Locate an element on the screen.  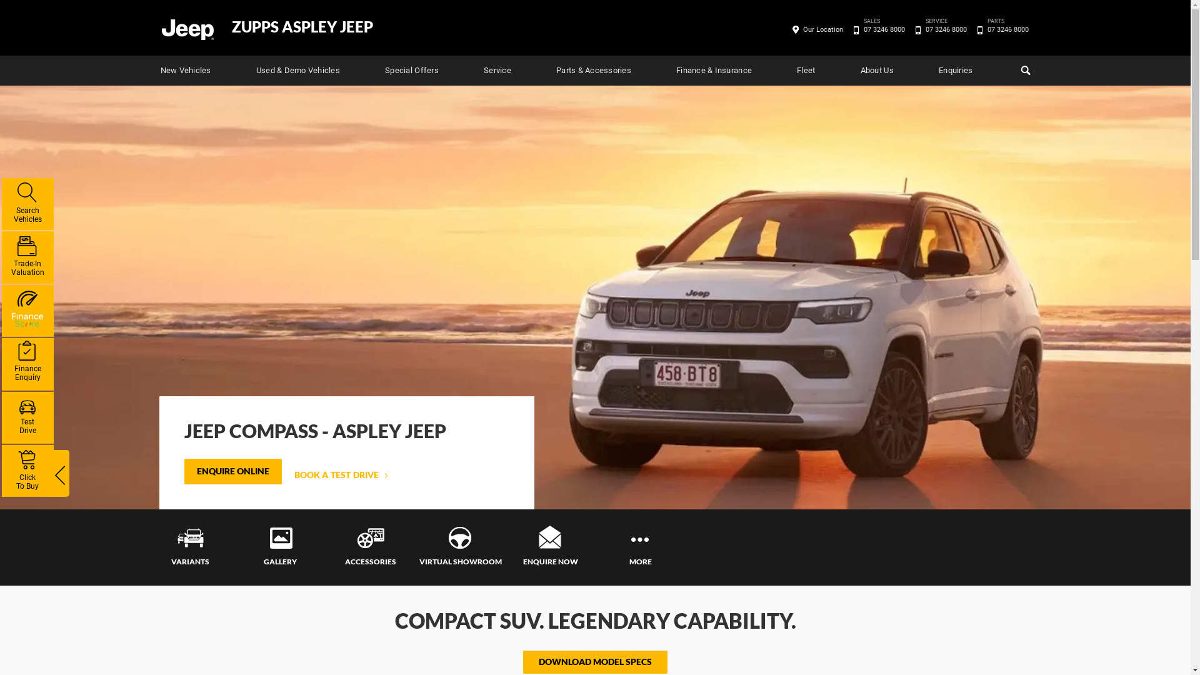
'SERVICE is located at coordinates (946, 29).